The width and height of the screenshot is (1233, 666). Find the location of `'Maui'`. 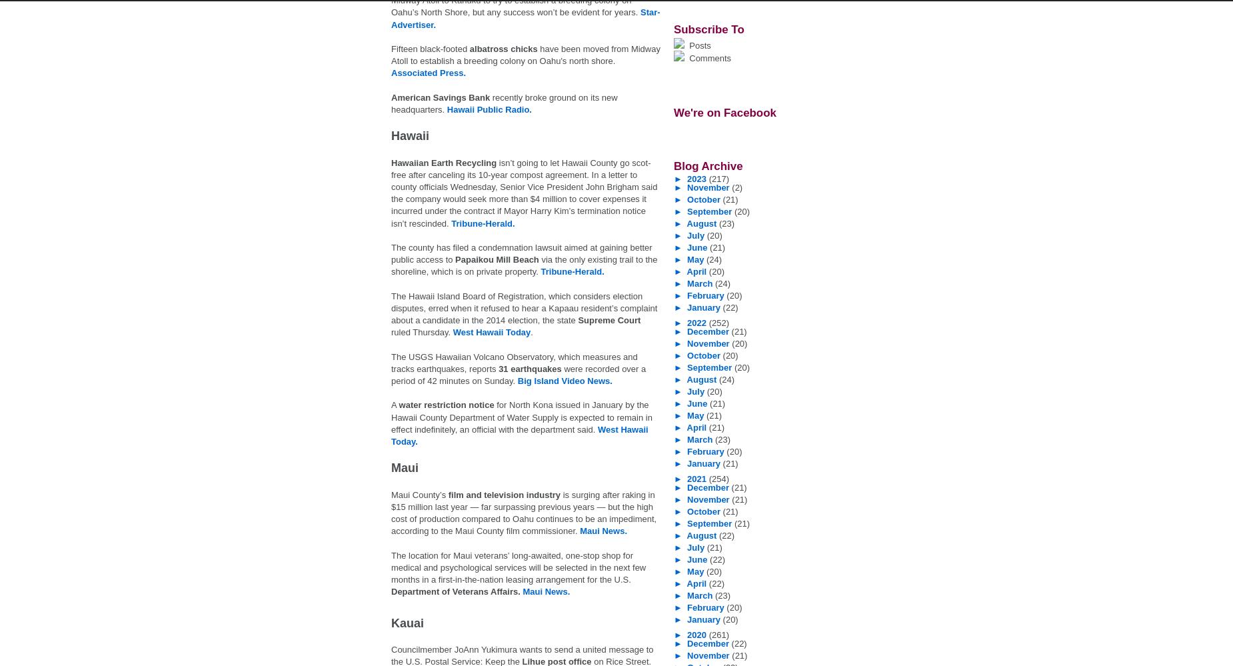

'Maui' is located at coordinates (405, 467).